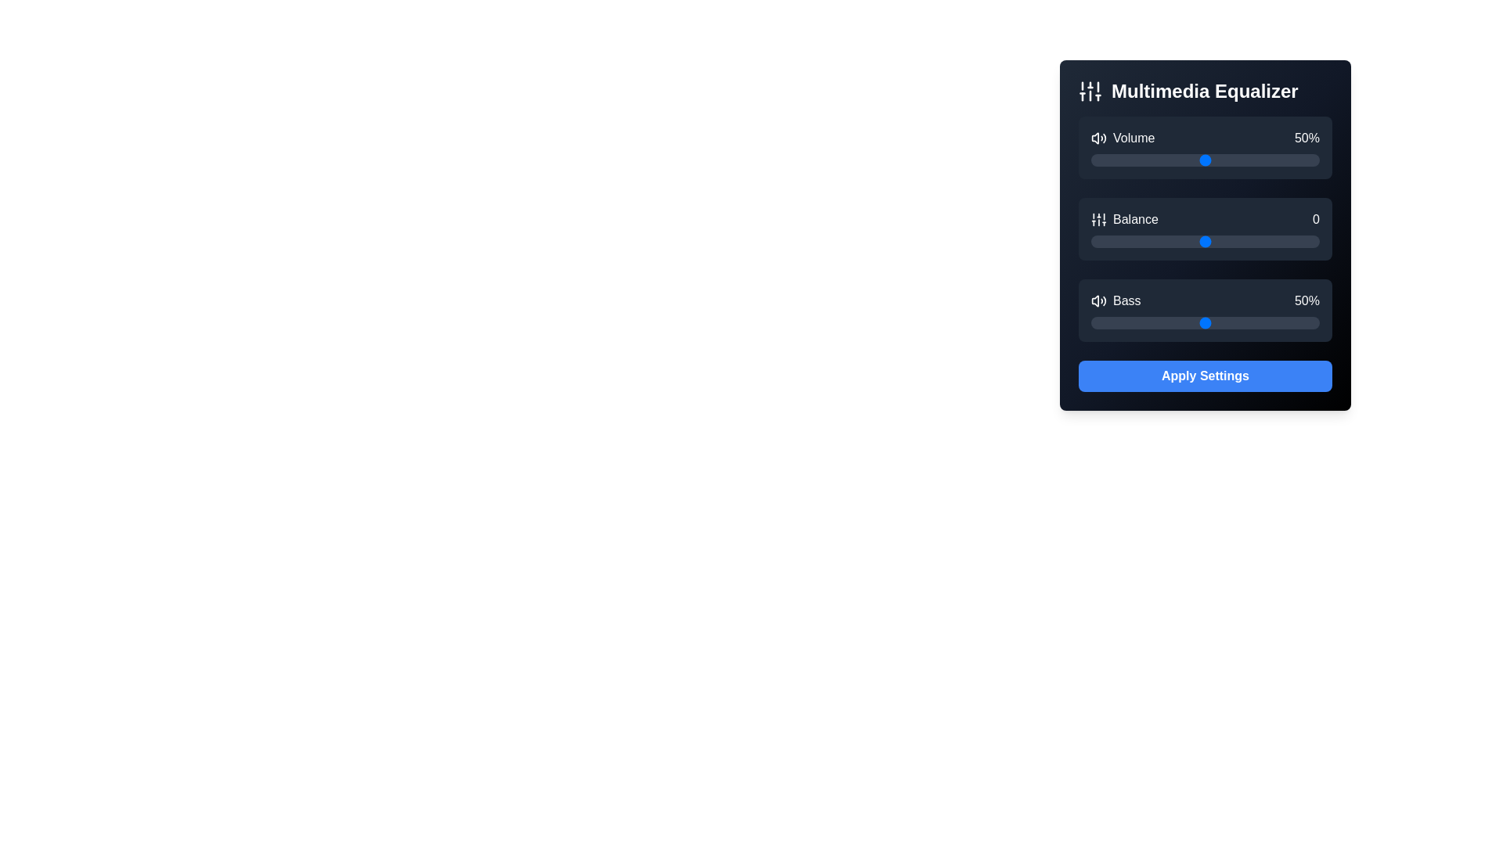  What do you see at coordinates (1292, 160) in the screenshot?
I see `the volume level` at bounding box center [1292, 160].